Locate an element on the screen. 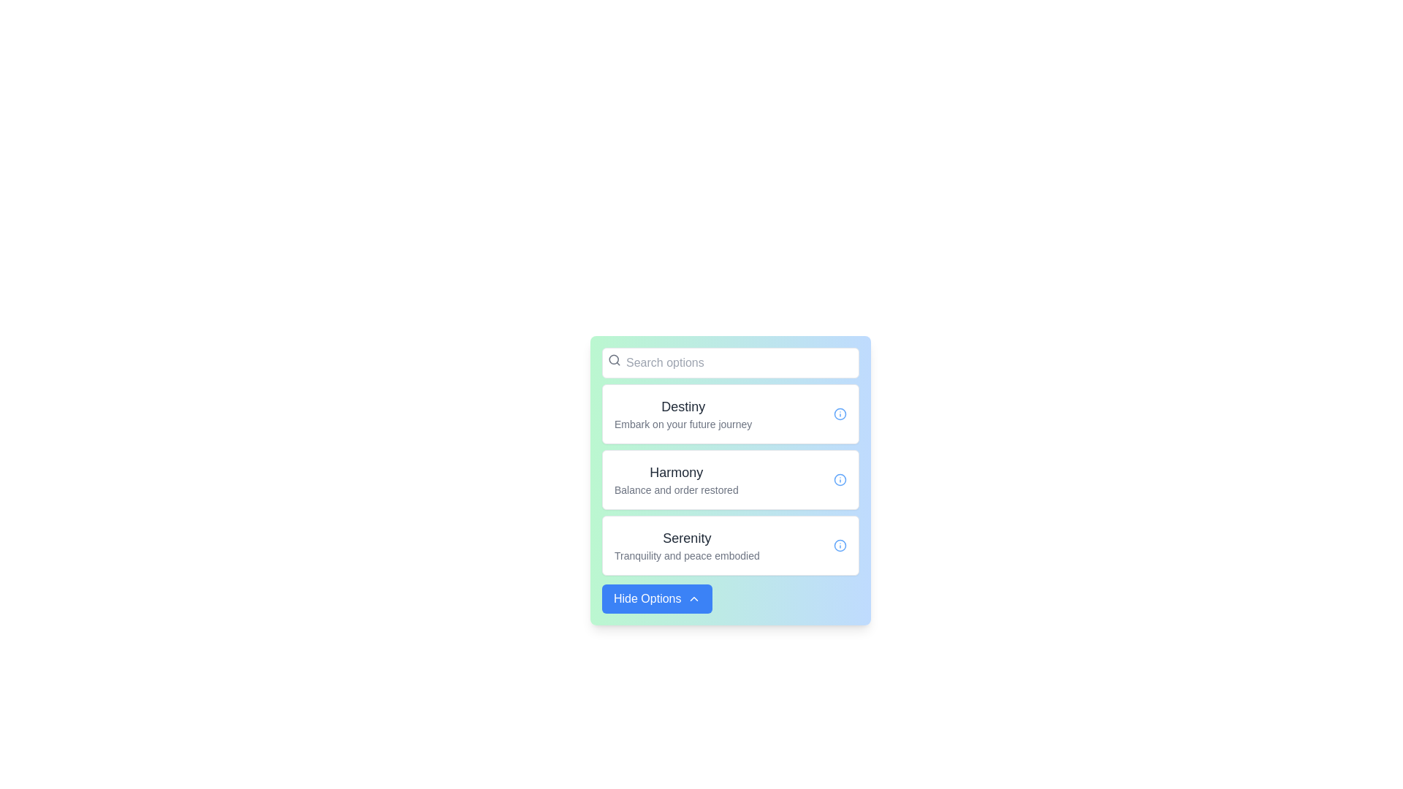 This screenshot has width=1403, height=789. the 'Hide Options' text label within the blue rounded button at the bottom of the layout is located at coordinates (647, 599).